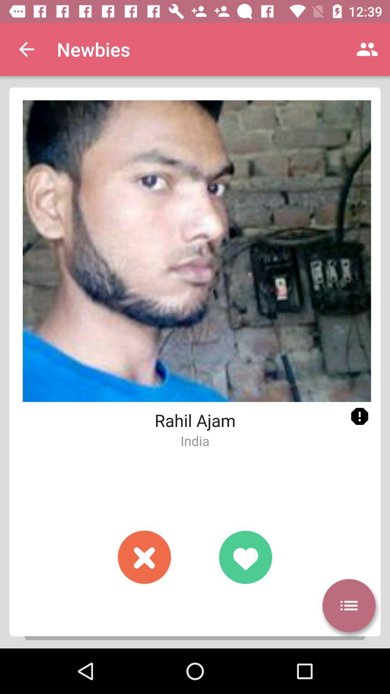  I want to click on additional info, so click(359, 416).